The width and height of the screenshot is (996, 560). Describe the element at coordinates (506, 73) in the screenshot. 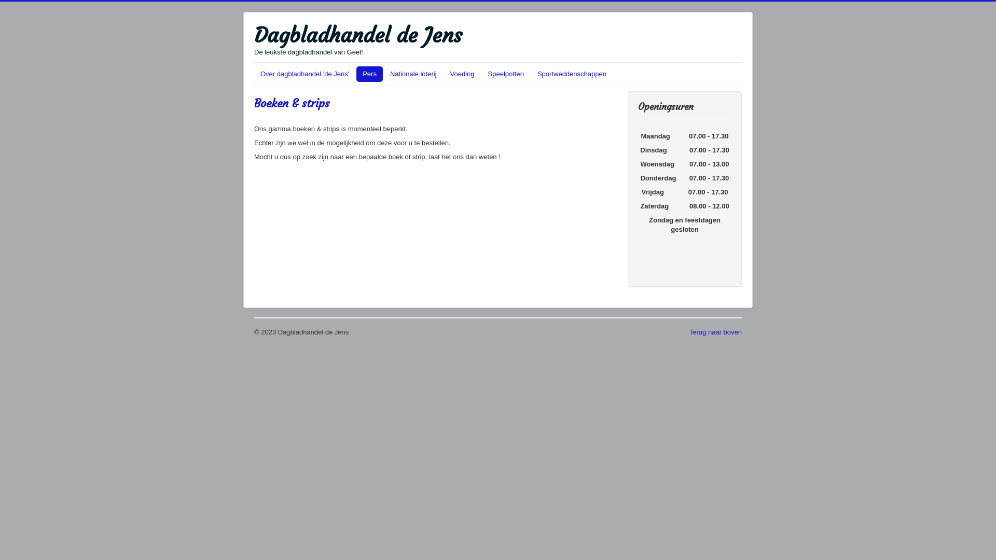

I see `'Speelpotten'` at that location.